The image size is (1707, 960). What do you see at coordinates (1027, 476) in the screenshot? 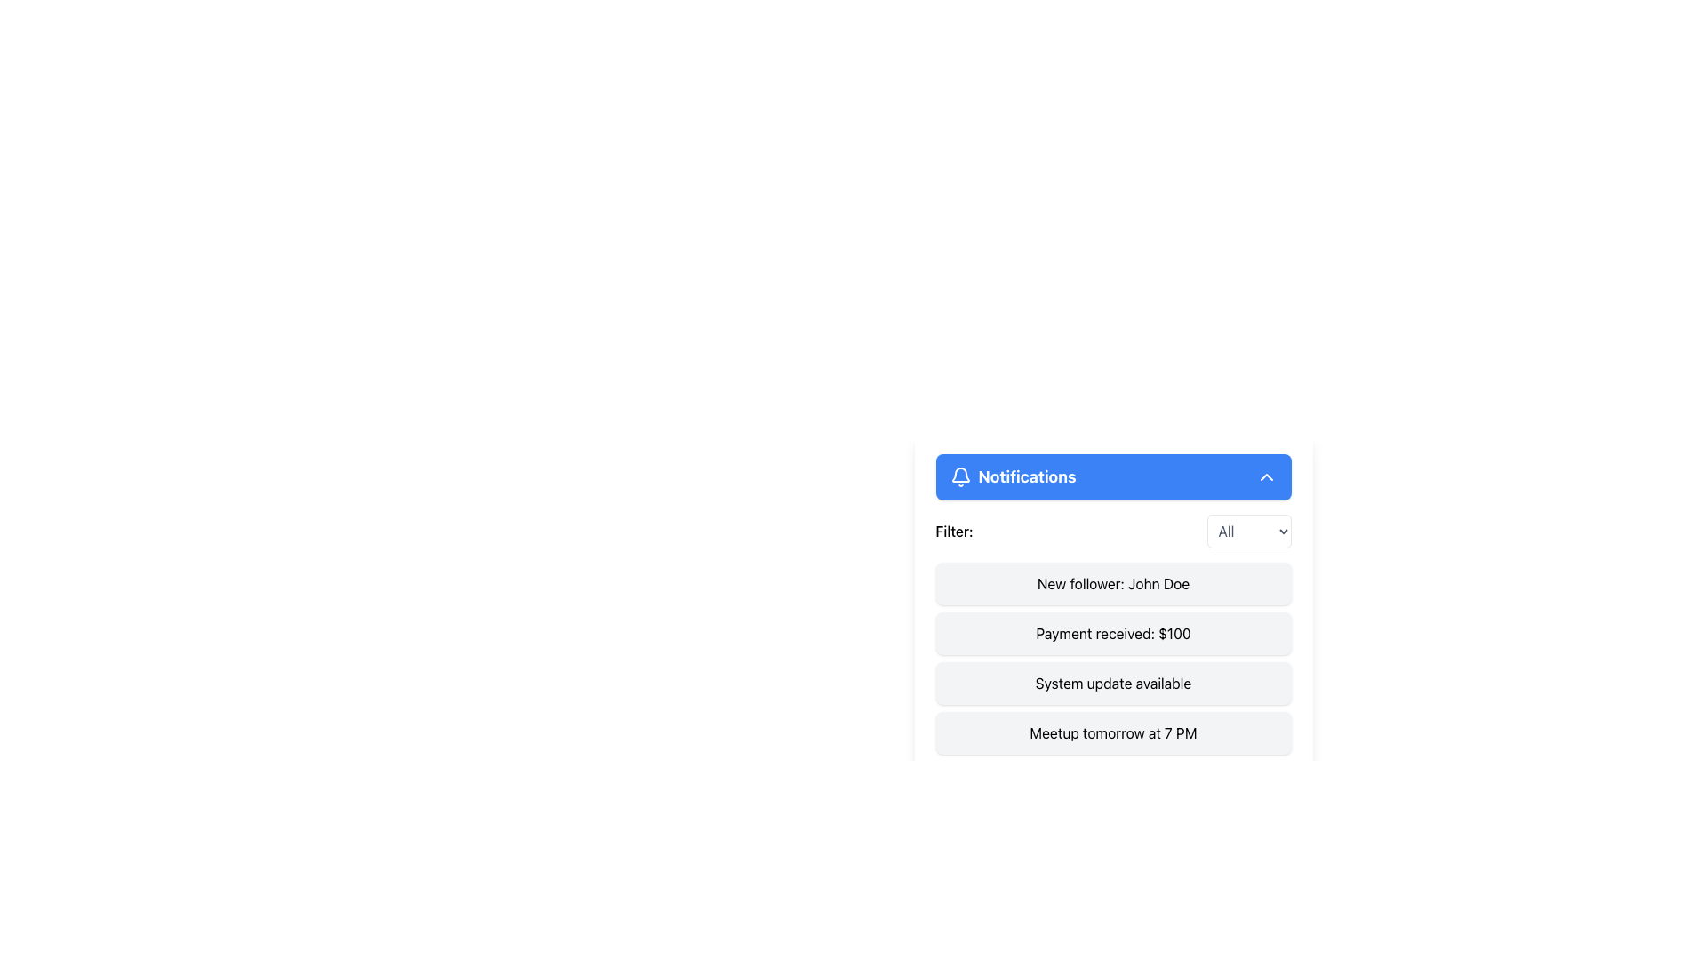
I see `the bold, large-sized text labeled 'Notifications' displayed in white against a blue background in the header of the notification panel` at bounding box center [1027, 476].